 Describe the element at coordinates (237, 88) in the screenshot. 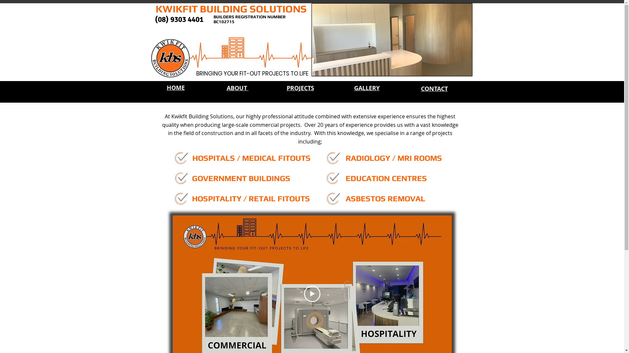

I see `'ABOUT '` at that location.